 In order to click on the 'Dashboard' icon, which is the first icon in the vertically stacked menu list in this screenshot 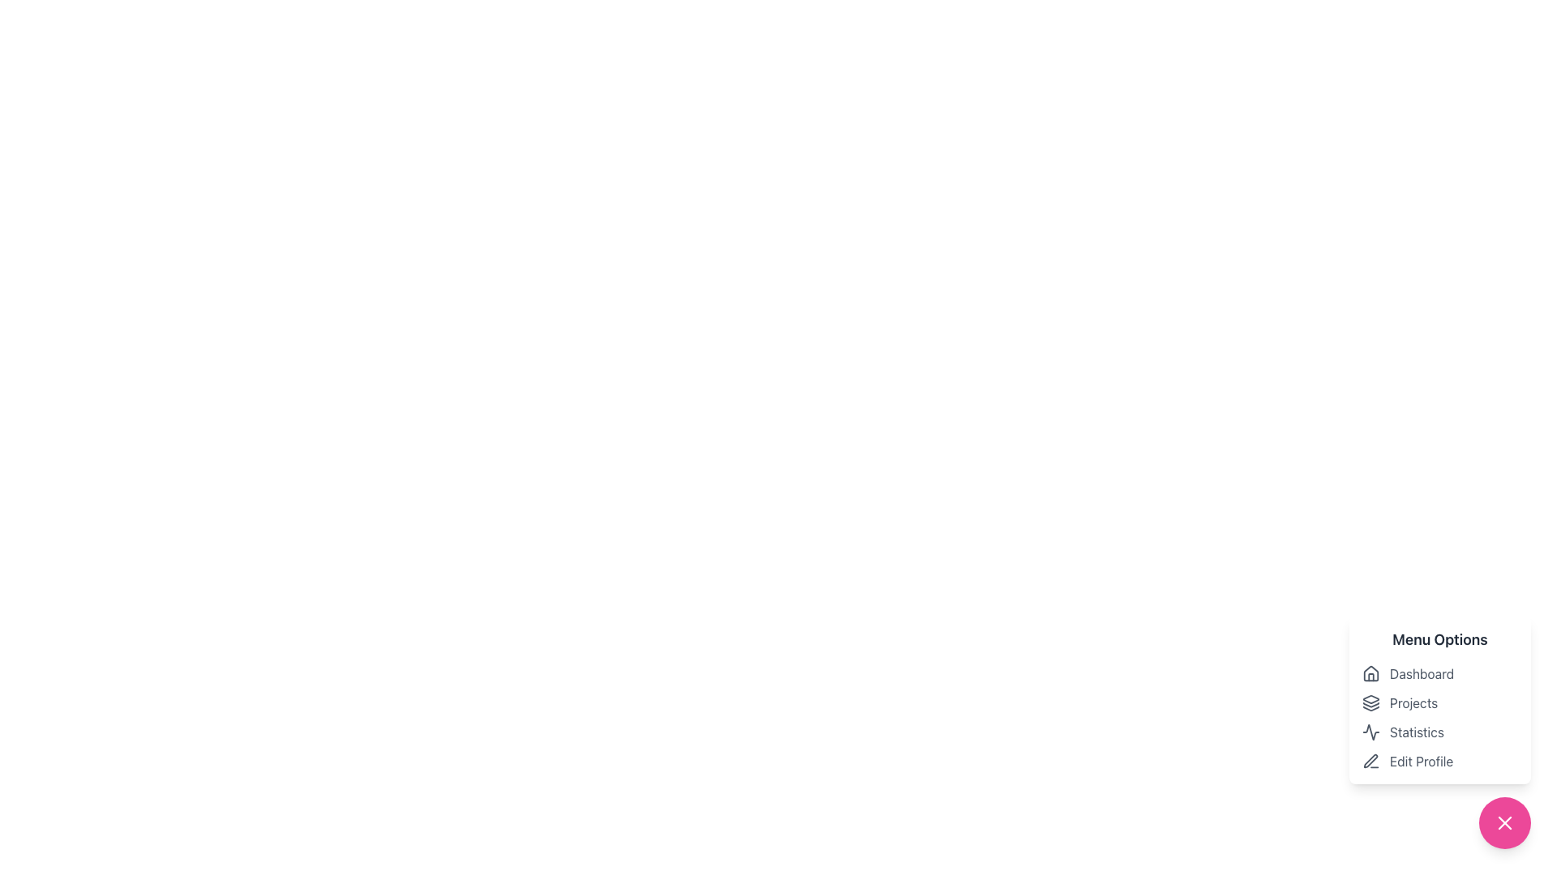, I will do `click(1370, 672)`.